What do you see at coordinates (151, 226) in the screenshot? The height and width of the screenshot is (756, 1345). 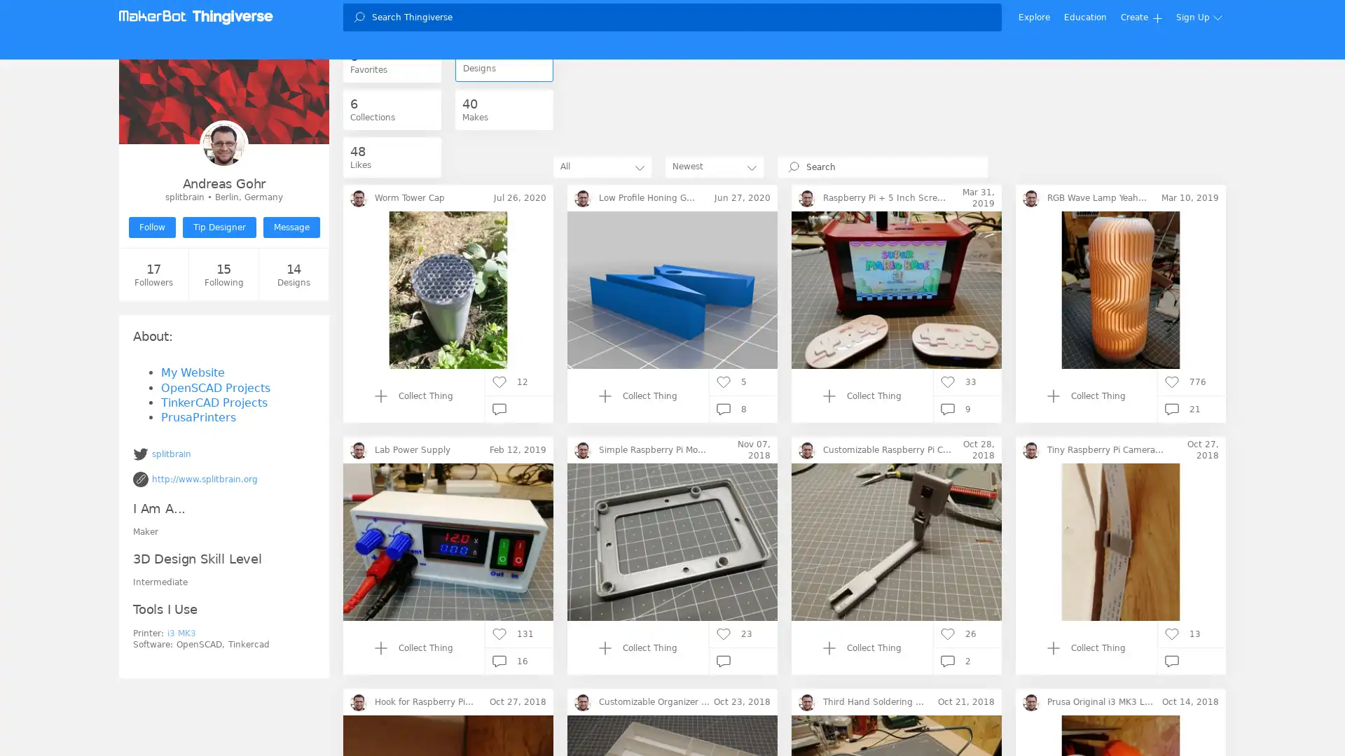 I see `Follow` at bounding box center [151, 226].